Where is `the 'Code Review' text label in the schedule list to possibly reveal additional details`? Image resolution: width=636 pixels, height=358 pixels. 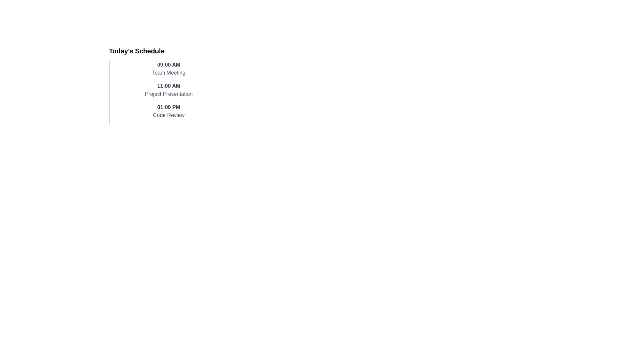
the 'Code Review' text label in the schedule list to possibly reveal additional details is located at coordinates (169, 115).